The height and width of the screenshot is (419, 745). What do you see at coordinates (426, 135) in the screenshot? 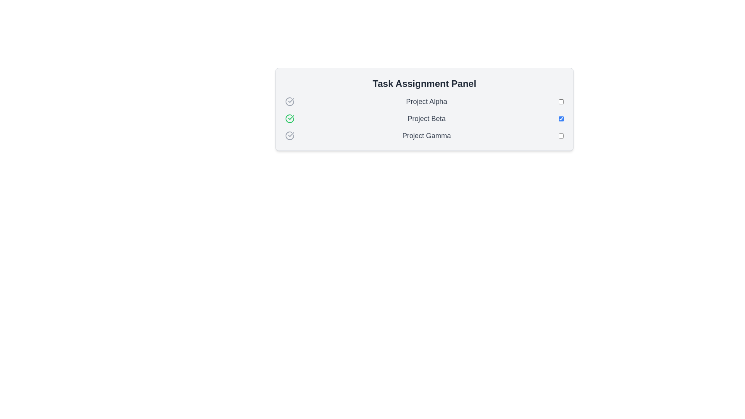
I see `the text label reading 'Project Gamma' styled with a medium-sized, gray-colored font, positioned within the 'Task Assignment Panel' below 'Project Beta'` at bounding box center [426, 135].